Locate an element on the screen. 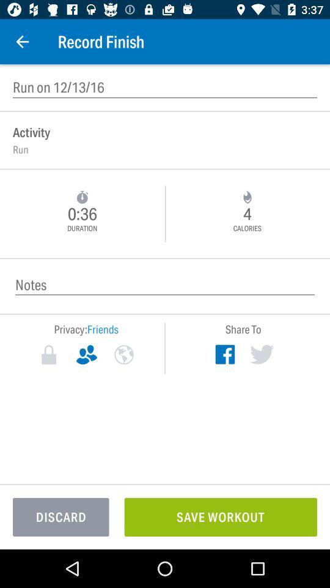 Image resolution: width=330 pixels, height=588 pixels. save workout is located at coordinates (220, 516).